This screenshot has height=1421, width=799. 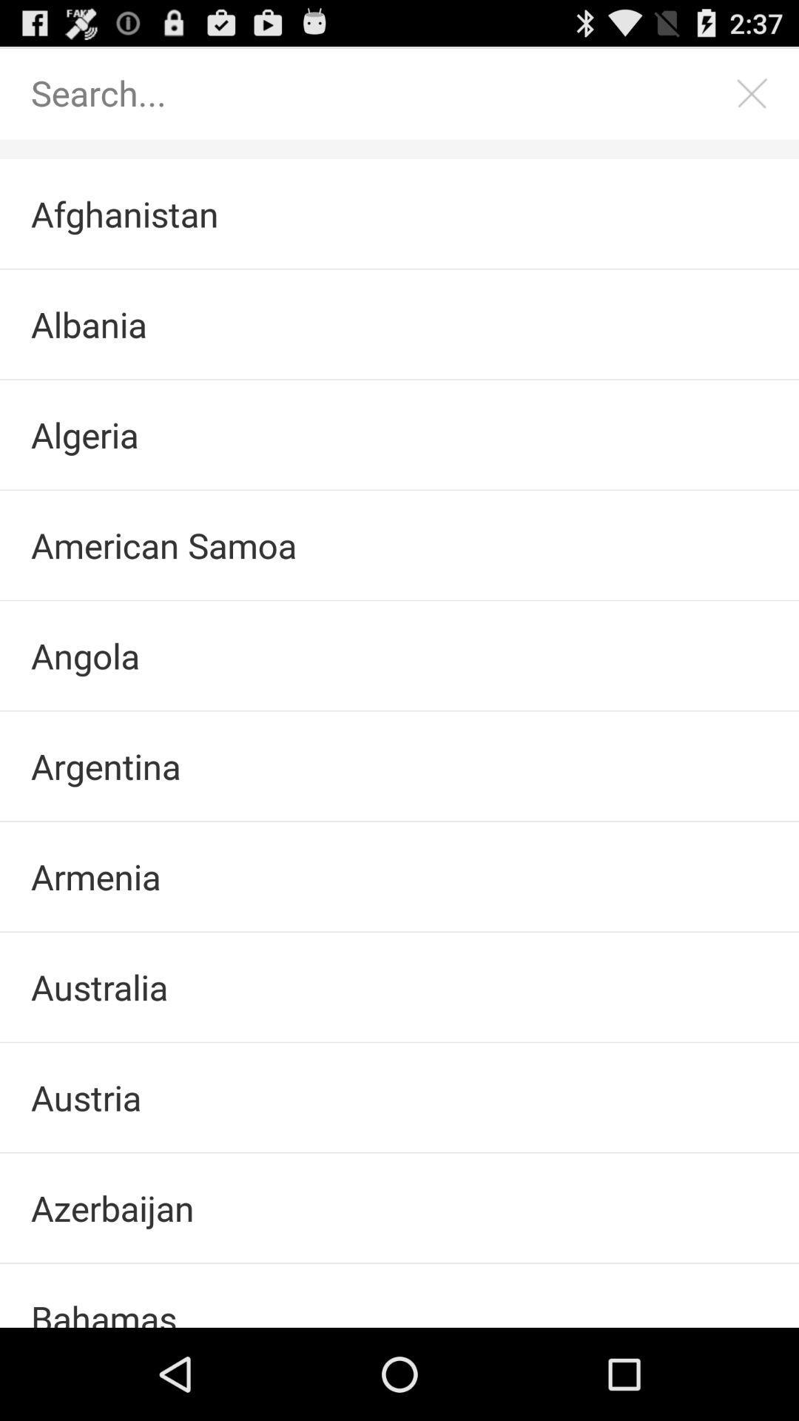 What do you see at coordinates (399, 544) in the screenshot?
I see `the icon below algeria icon` at bounding box center [399, 544].